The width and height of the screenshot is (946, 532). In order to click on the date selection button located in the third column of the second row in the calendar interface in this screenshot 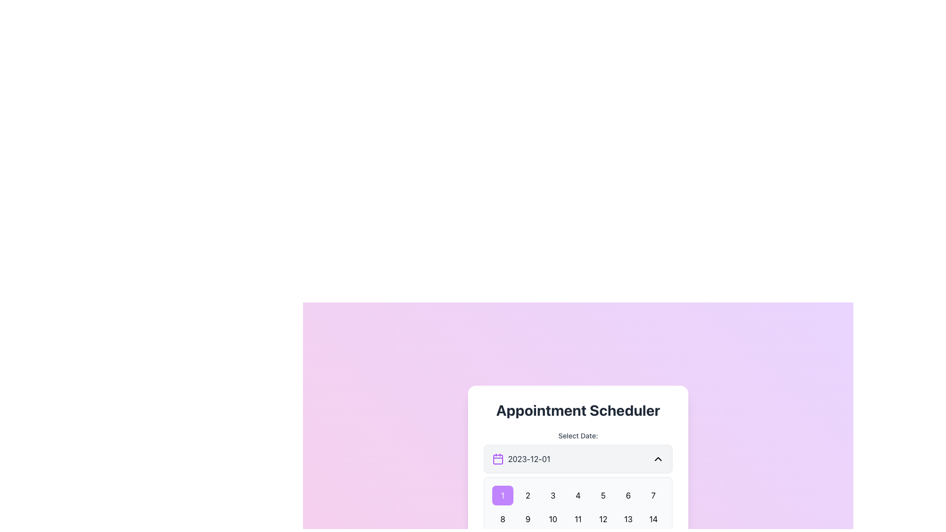, I will do `click(553, 519)`.